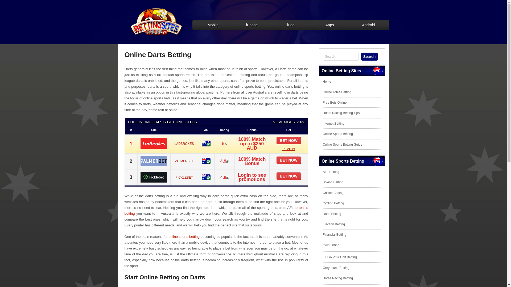  What do you see at coordinates (213, 25) in the screenshot?
I see `'Mobile'` at bounding box center [213, 25].